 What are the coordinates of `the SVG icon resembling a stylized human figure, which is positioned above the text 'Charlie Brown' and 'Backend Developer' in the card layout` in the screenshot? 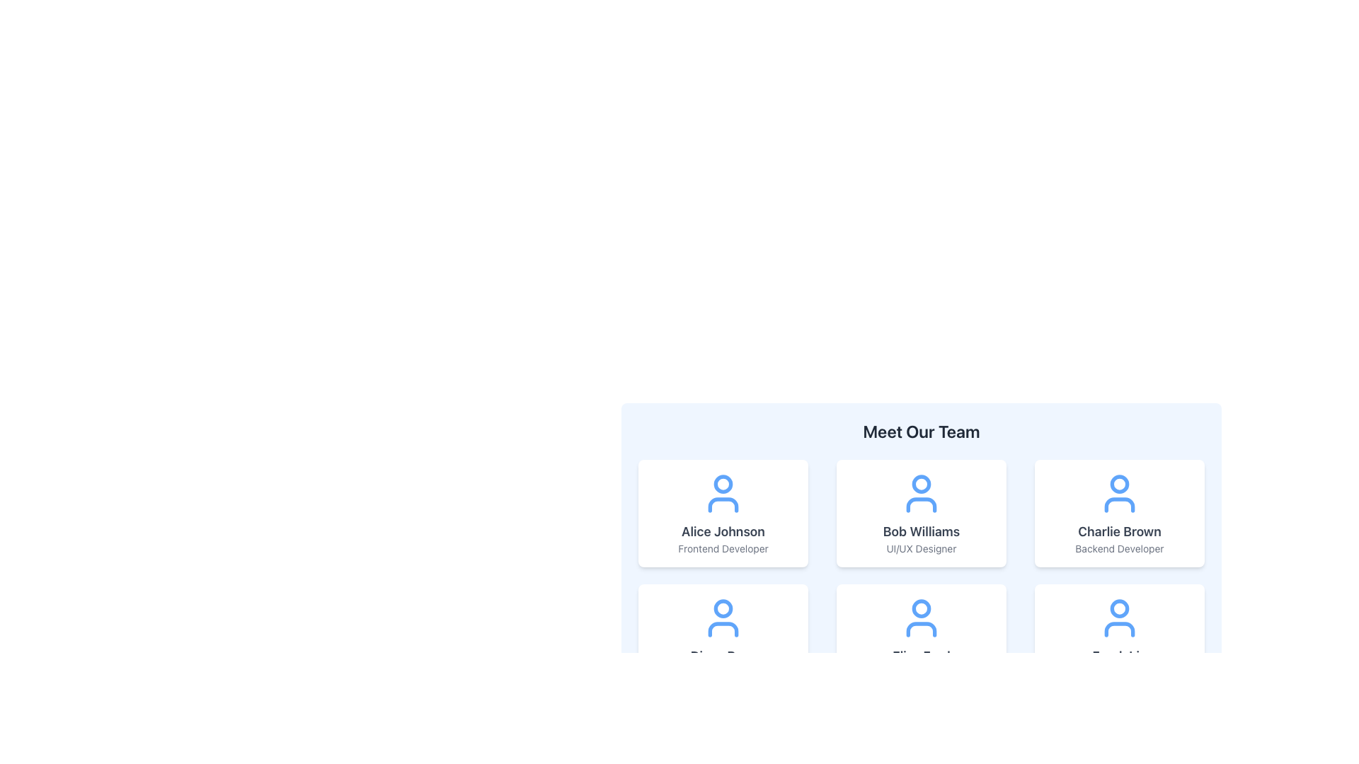 It's located at (1119, 493).